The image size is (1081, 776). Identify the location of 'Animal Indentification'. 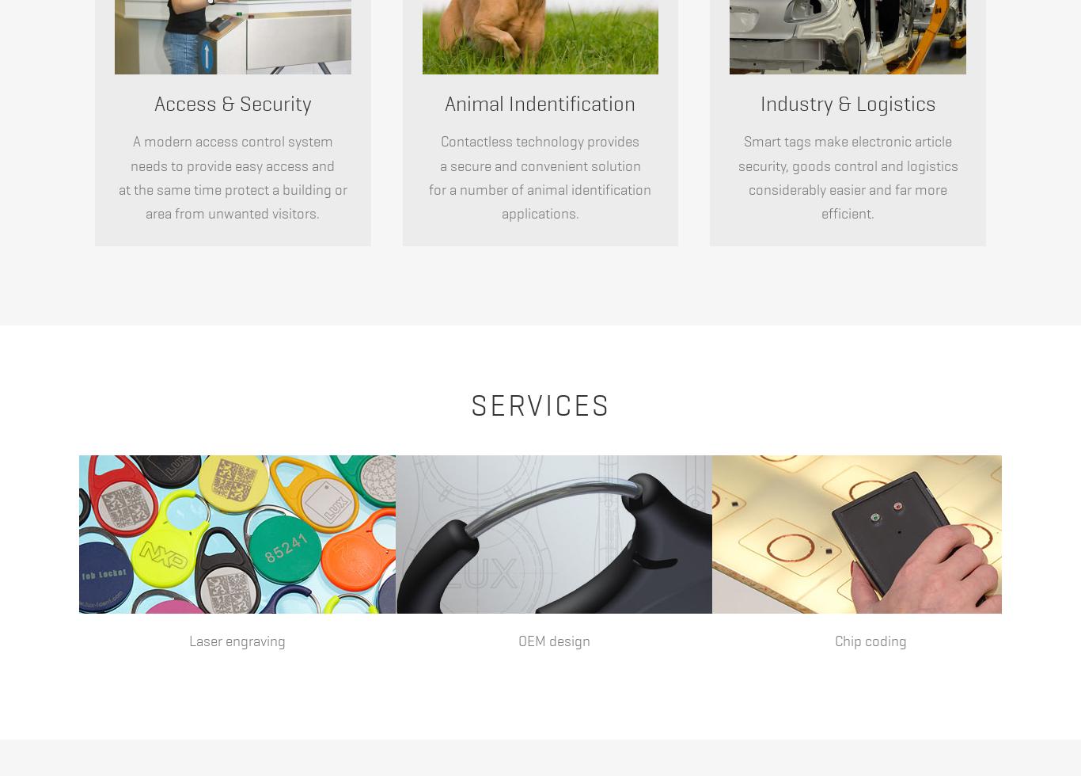
(444, 104).